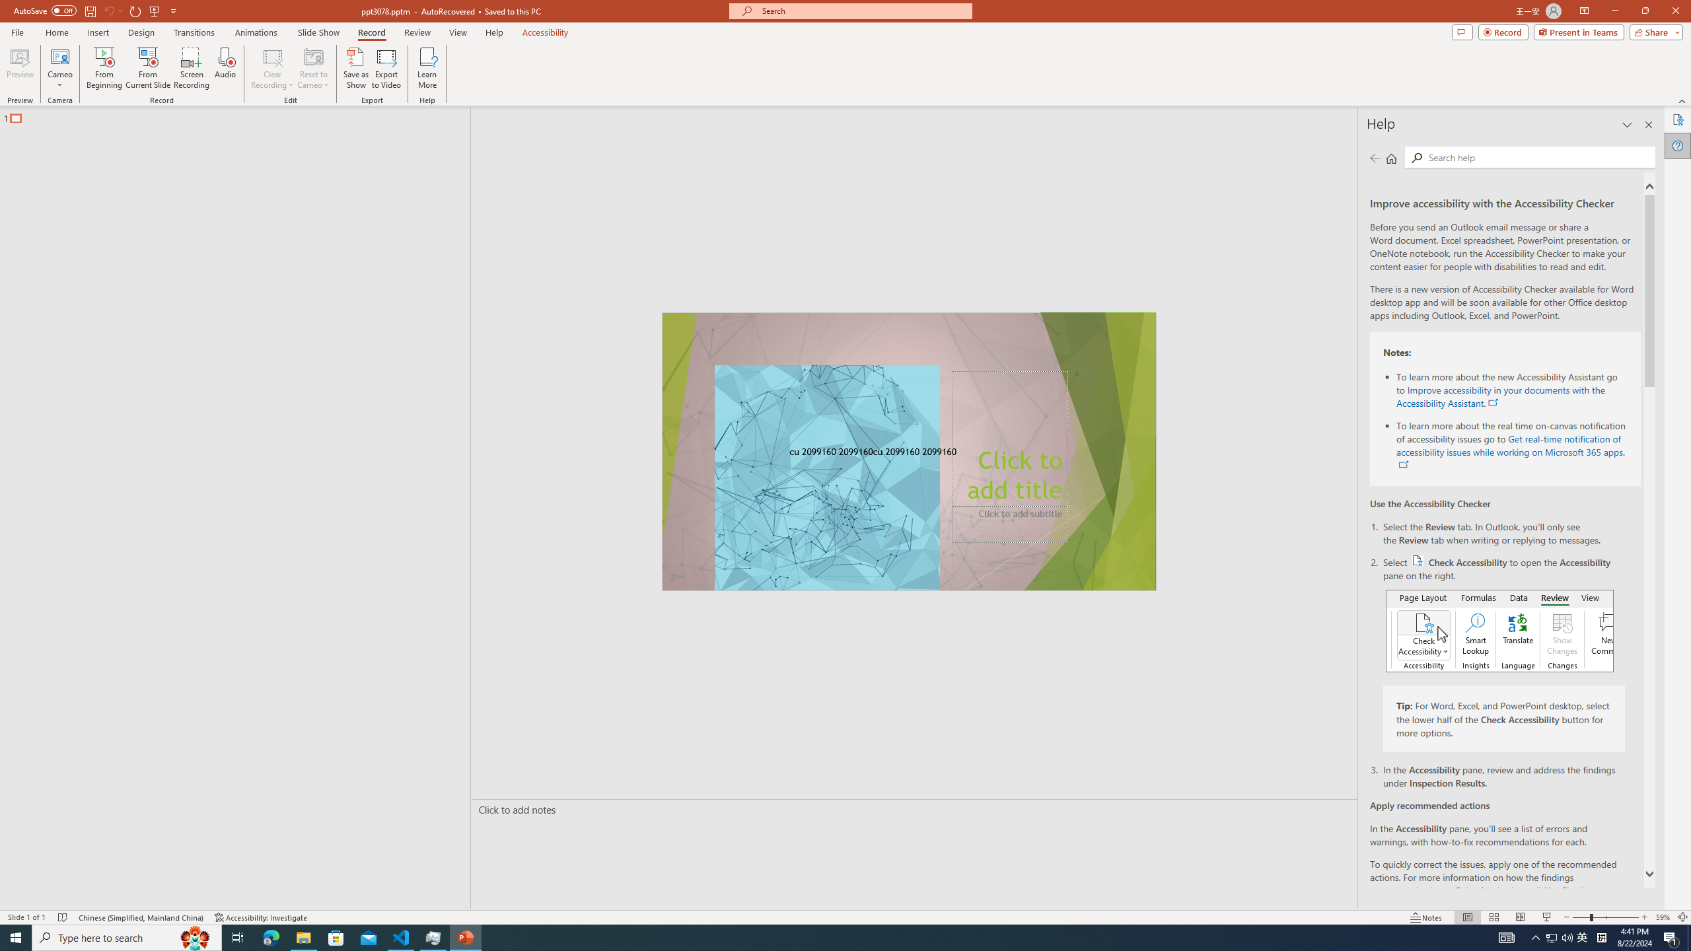 This screenshot has width=1691, height=951. I want to click on 'An abstract genetic concept', so click(910, 451).